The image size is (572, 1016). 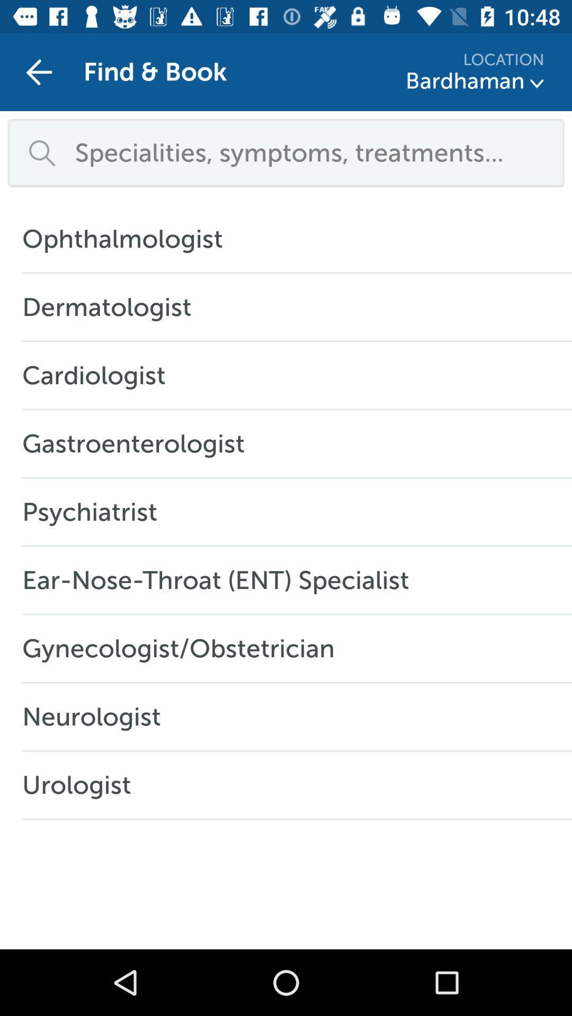 What do you see at coordinates (183, 648) in the screenshot?
I see `the gynecologist/obstetrician item` at bounding box center [183, 648].